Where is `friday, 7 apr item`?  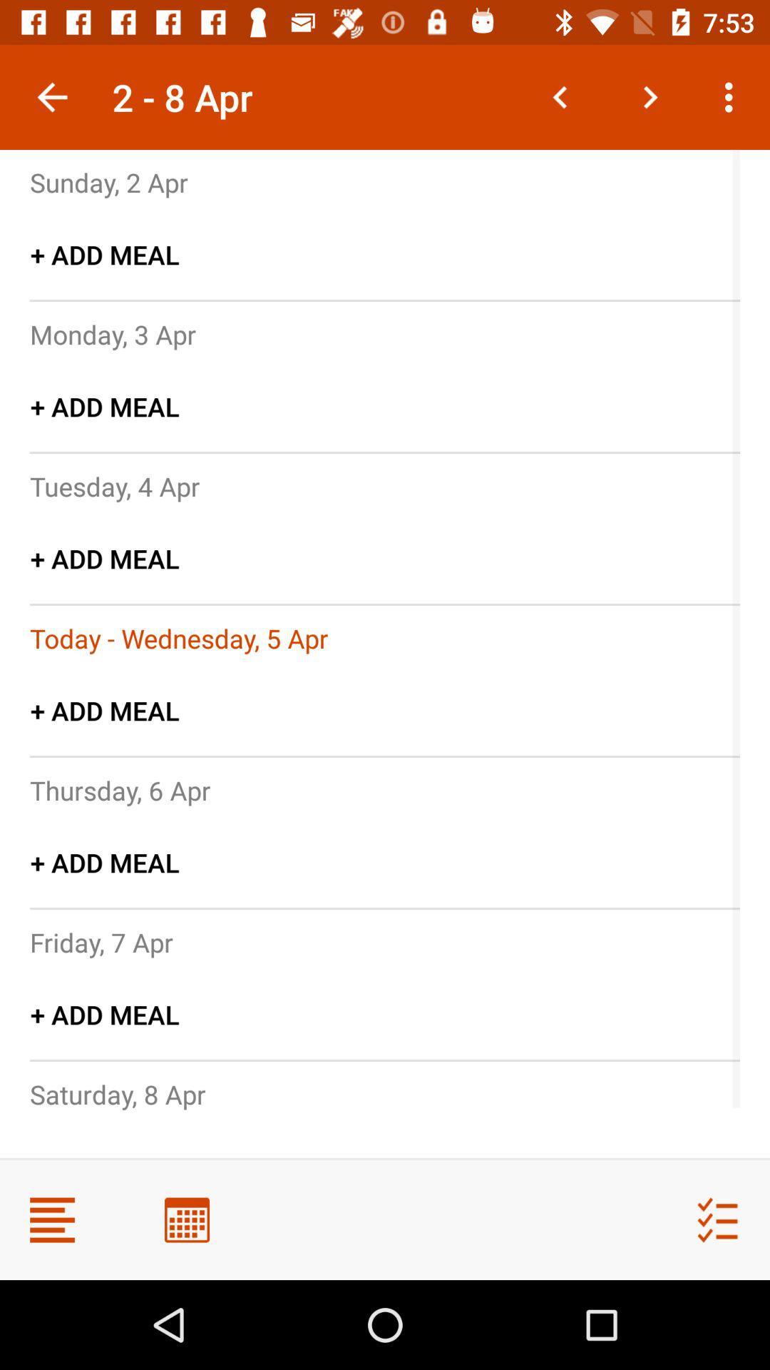
friday, 7 apr item is located at coordinates (101, 942).